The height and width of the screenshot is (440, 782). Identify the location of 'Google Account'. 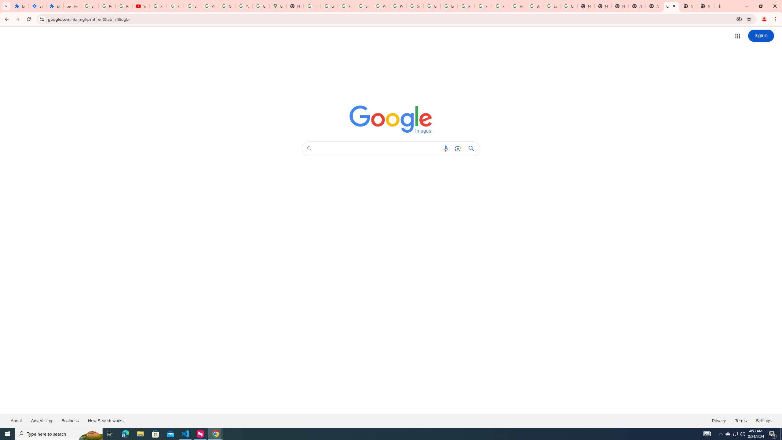
(226, 6).